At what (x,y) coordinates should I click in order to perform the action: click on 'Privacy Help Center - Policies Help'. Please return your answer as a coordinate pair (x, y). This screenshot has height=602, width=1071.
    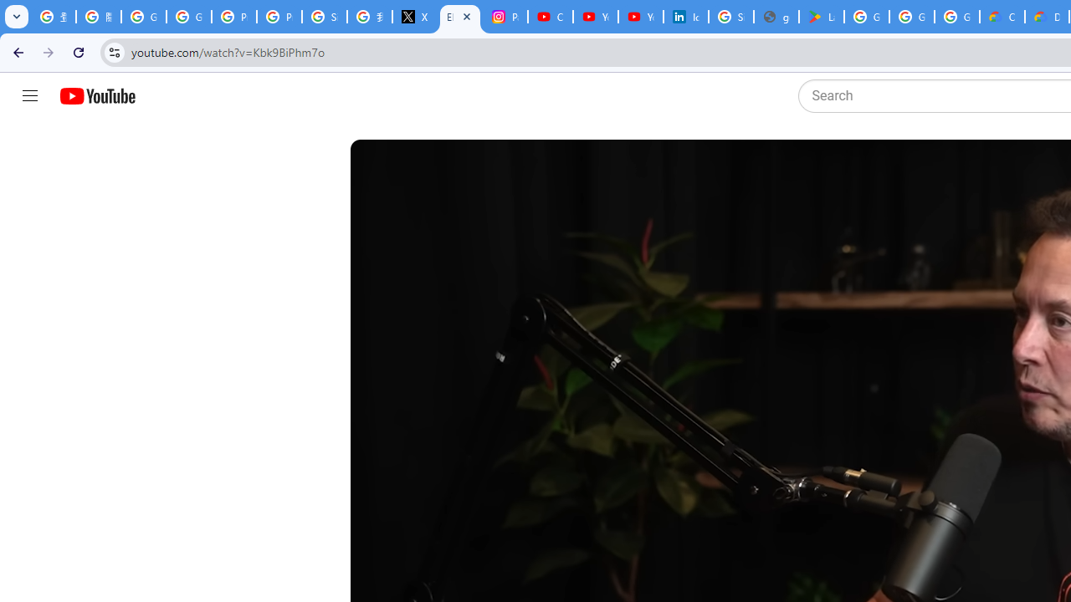
    Looking at the image, I should click on (233, 17).